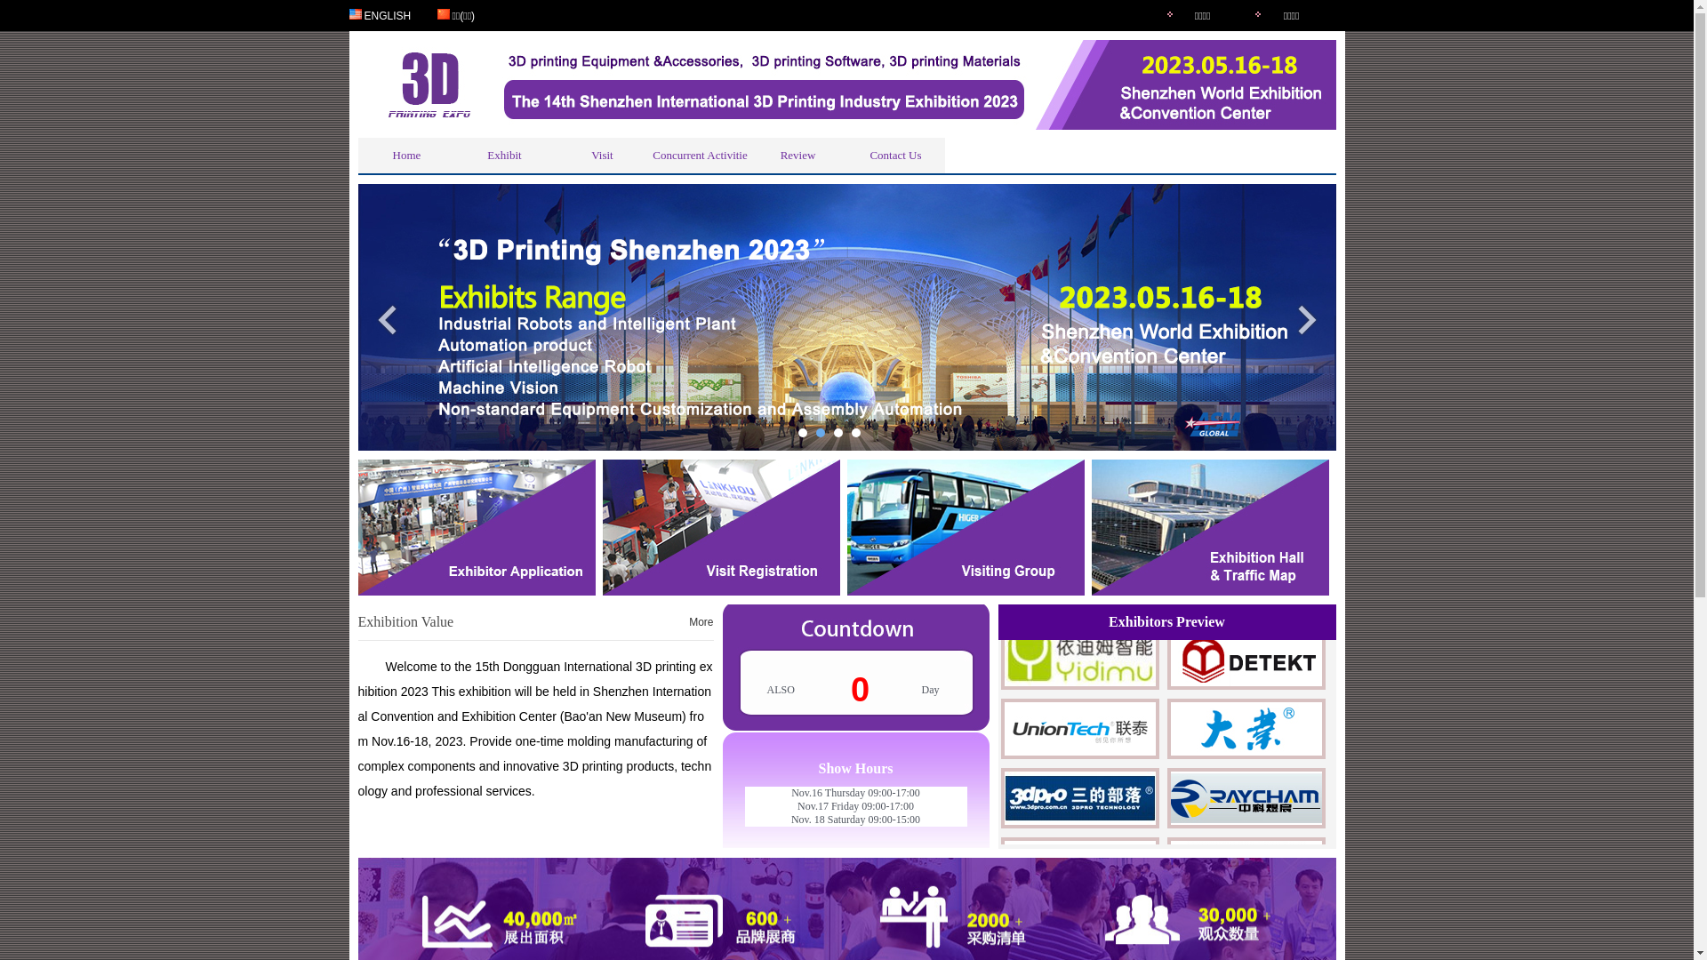 The image size is (1707, 960). I want to click on 'More', so click(700, 620).